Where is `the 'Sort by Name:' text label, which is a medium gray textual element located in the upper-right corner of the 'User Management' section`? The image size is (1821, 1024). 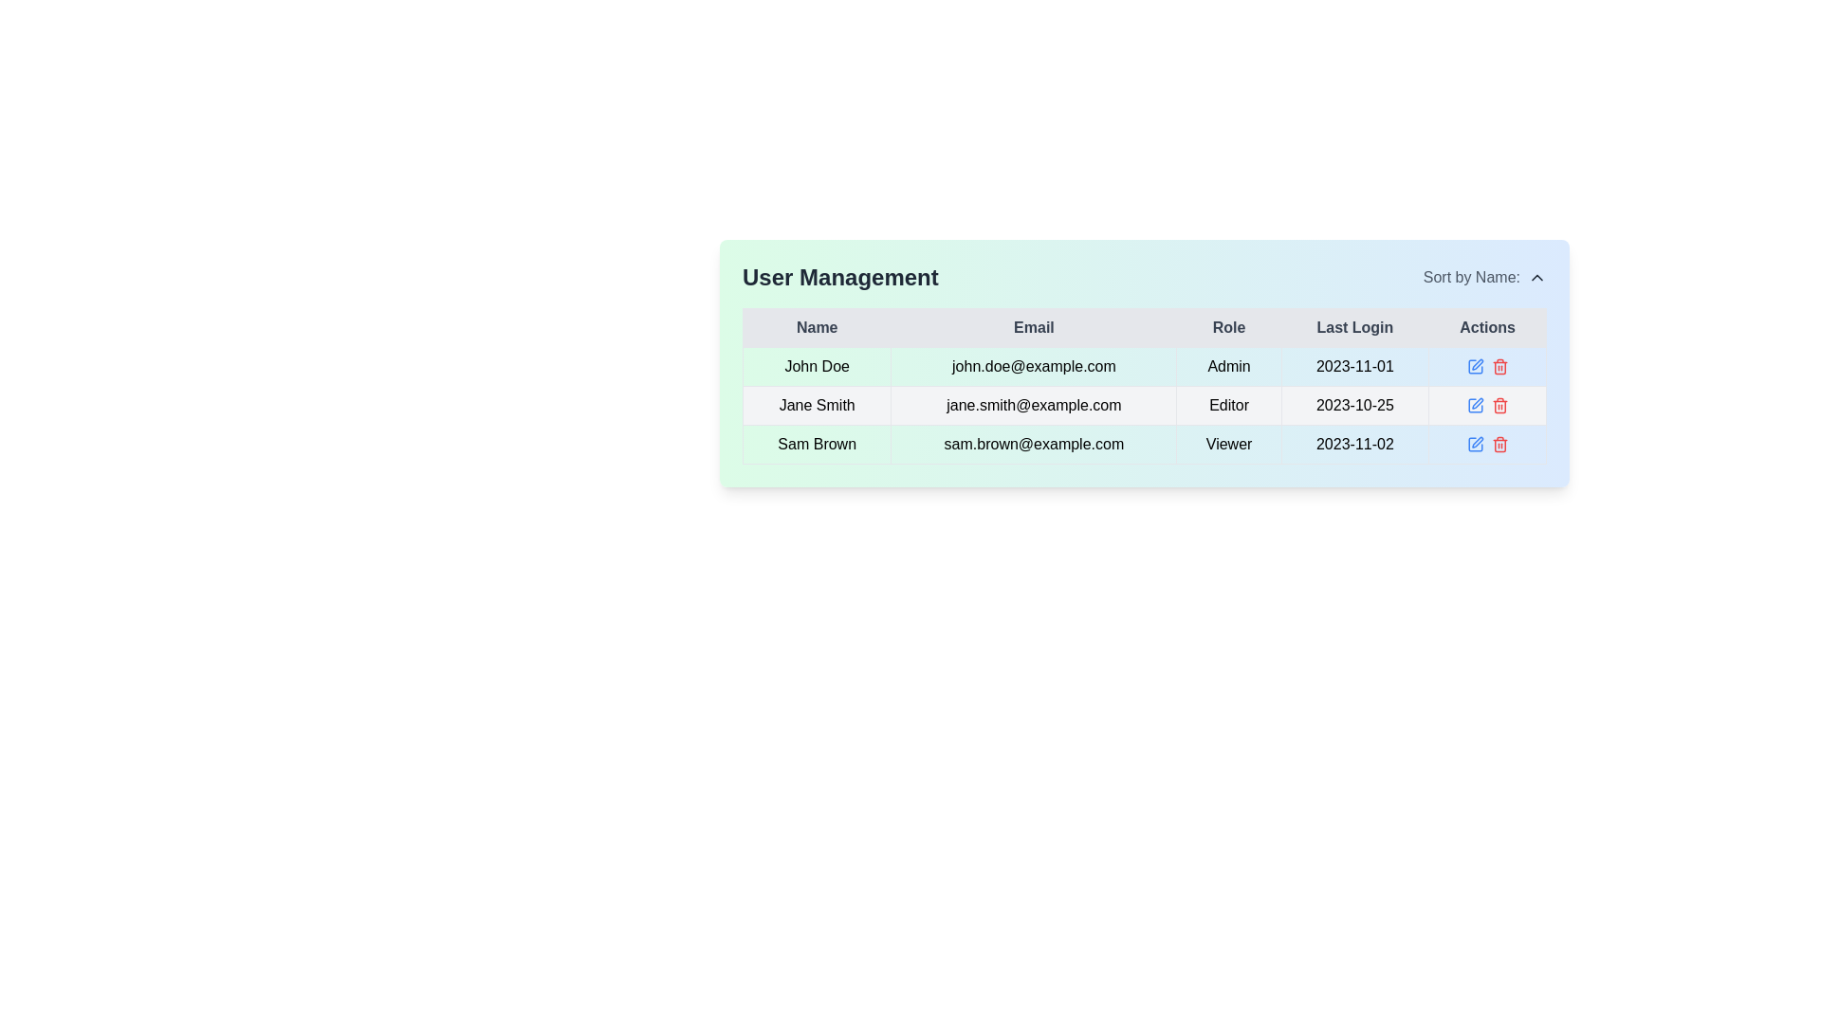
the 'Sort by Name:' text label, which is a medium gray textual element located in the upper-right corner of the 'User Management' section is located at coordinates (1470, 278).